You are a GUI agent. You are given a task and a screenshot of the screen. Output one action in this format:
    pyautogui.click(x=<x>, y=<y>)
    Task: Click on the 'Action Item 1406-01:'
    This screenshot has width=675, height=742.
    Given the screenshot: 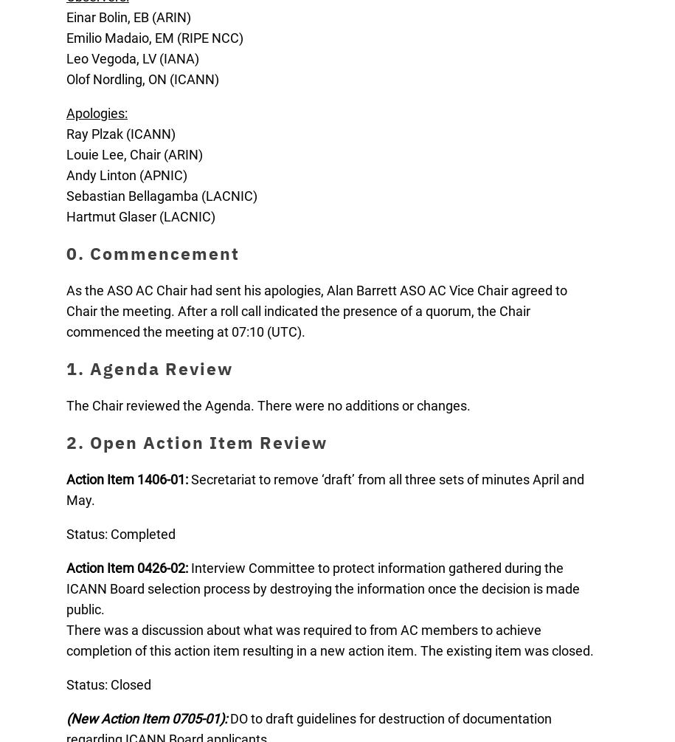 What is the action you would take?
    pyautogui.click(x=66, y=478)
    